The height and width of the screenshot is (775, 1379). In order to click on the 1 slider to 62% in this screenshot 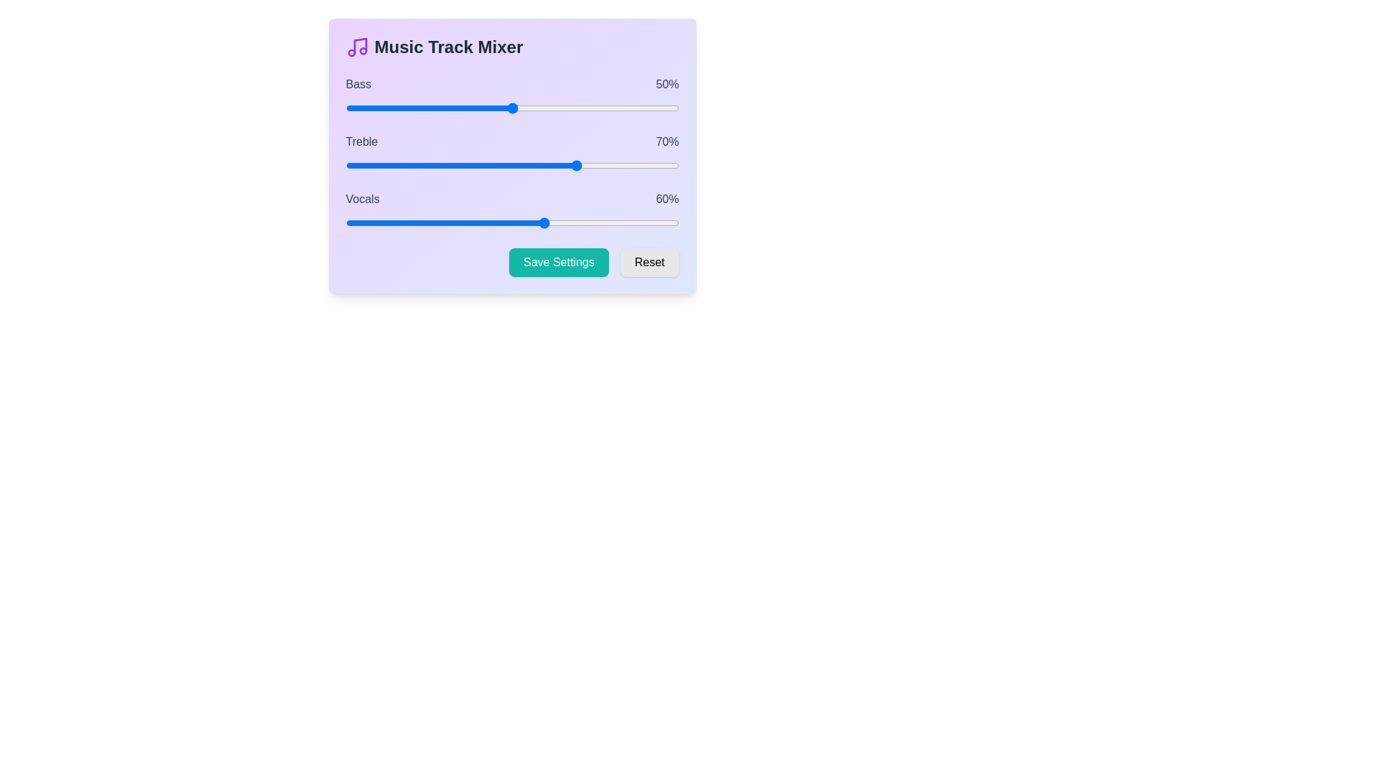, I will do `click(552, 165)`.